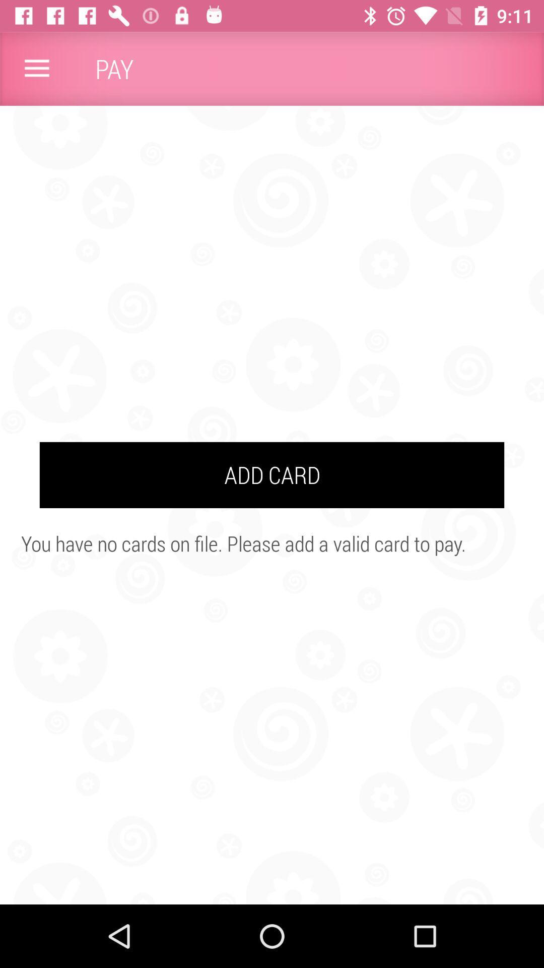 The width and height of the screenshot is (544, 968). I want to click on item next to the pay item, so click(36, 68).